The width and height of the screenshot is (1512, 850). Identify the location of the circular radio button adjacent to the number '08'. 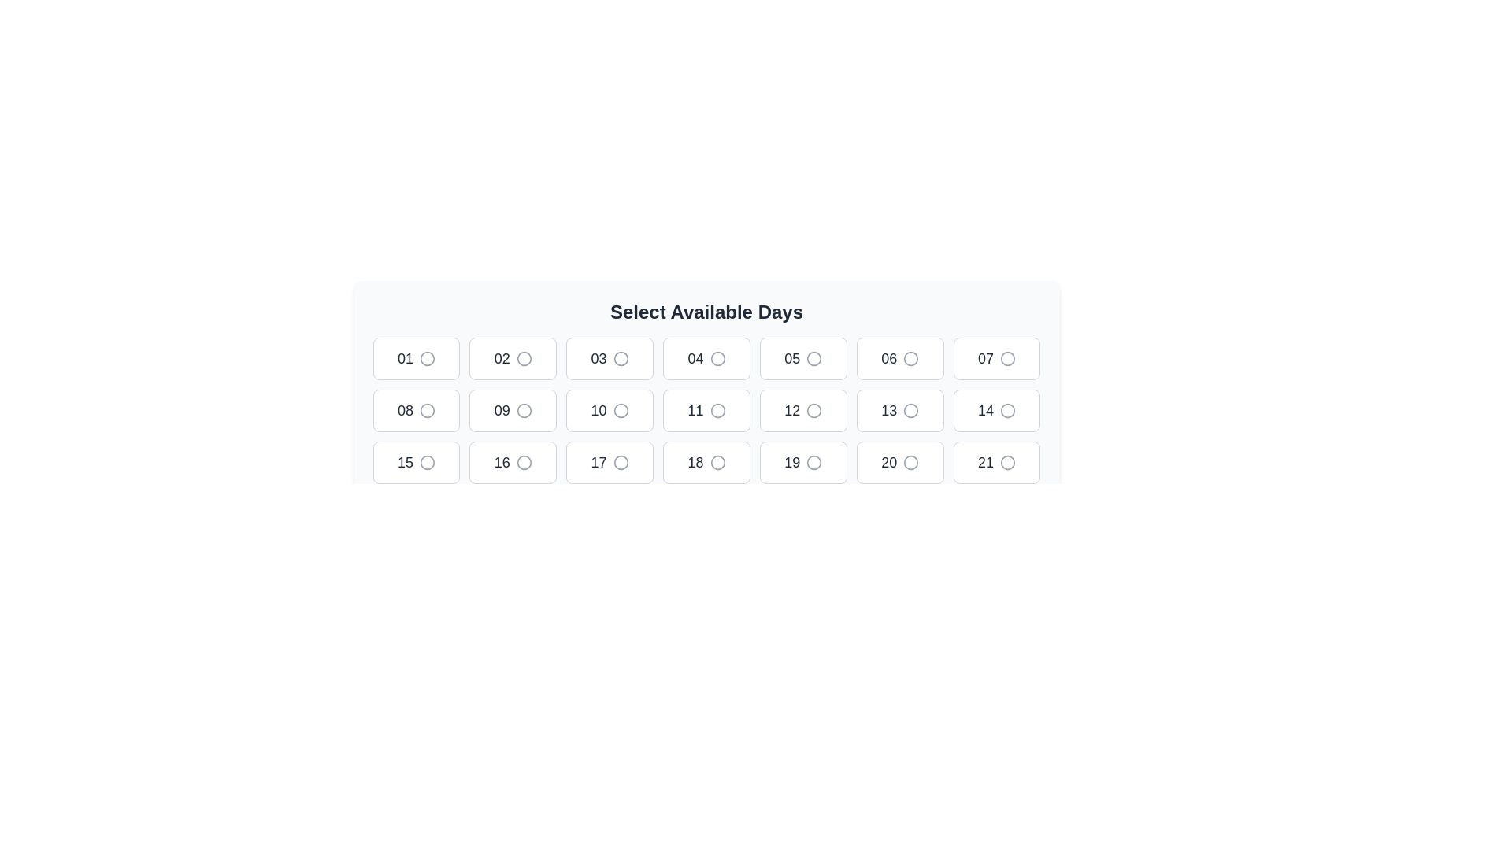
(427, 409).